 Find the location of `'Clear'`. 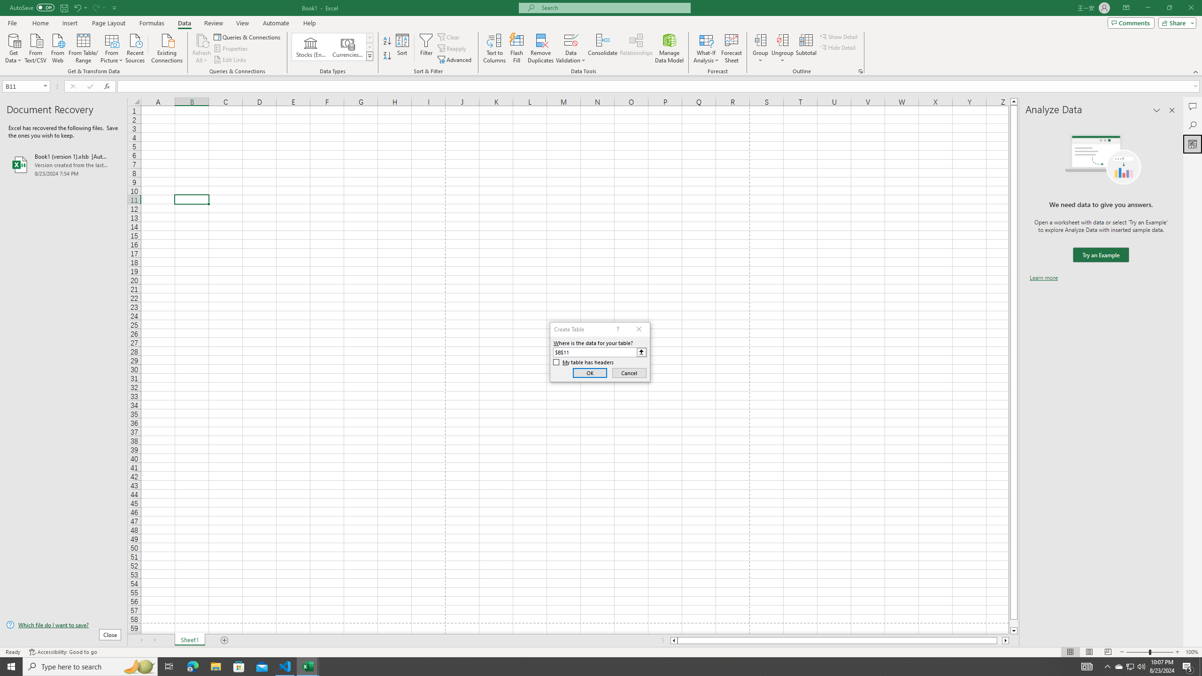

'Clear' is located at coordinates (449, 37).